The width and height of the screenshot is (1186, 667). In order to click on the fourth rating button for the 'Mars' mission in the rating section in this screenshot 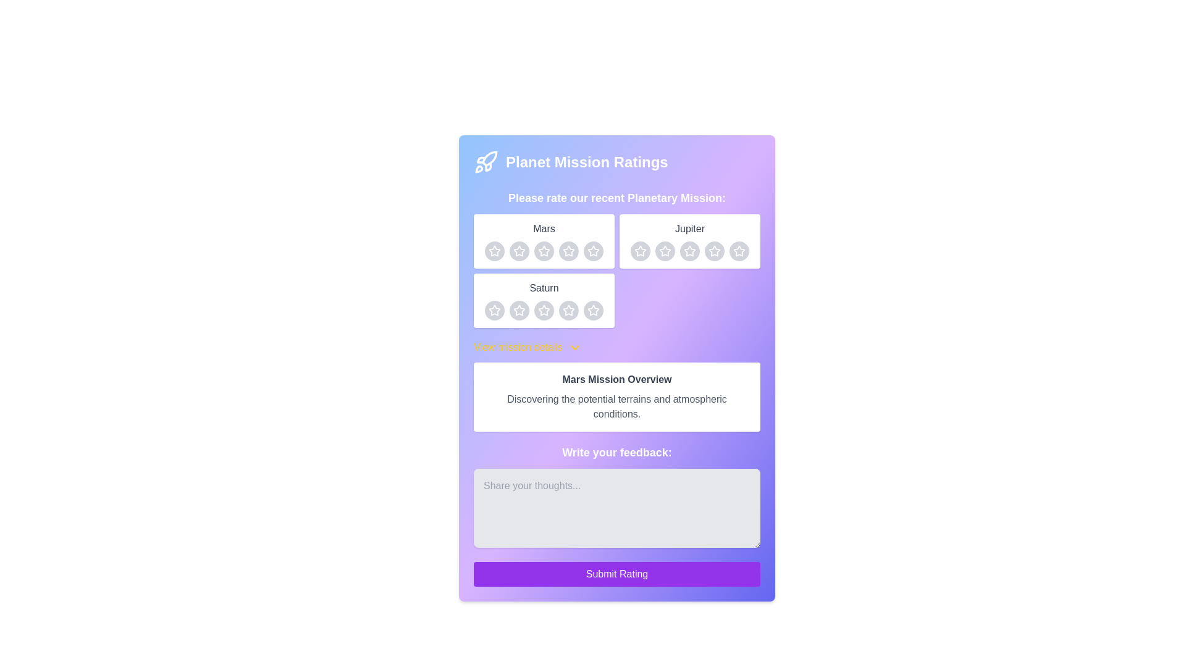, I will do `click(593, 251)`.